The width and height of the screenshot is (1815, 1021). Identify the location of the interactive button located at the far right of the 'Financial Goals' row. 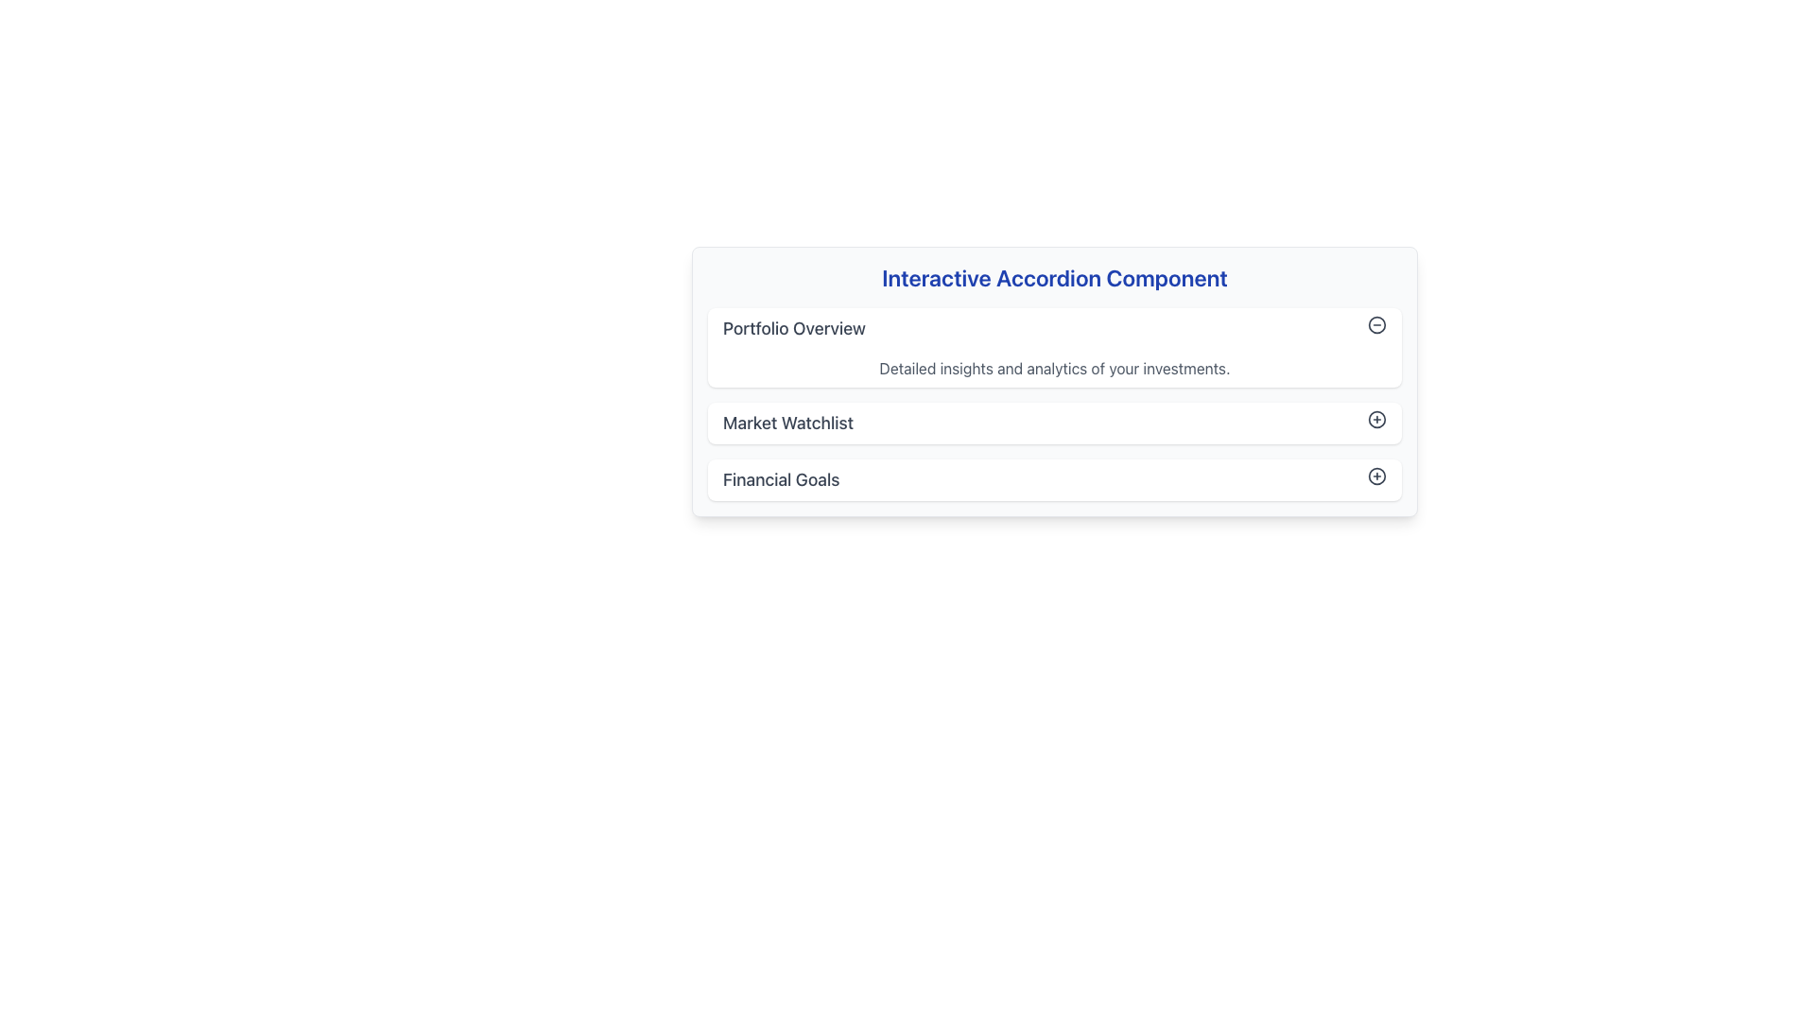
(1377, 476).